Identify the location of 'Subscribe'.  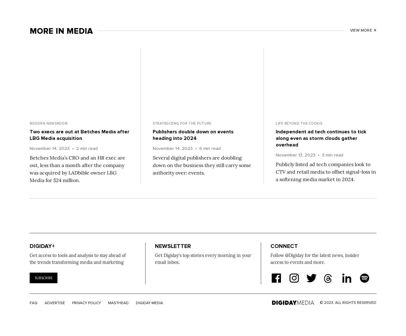
(43, 278).